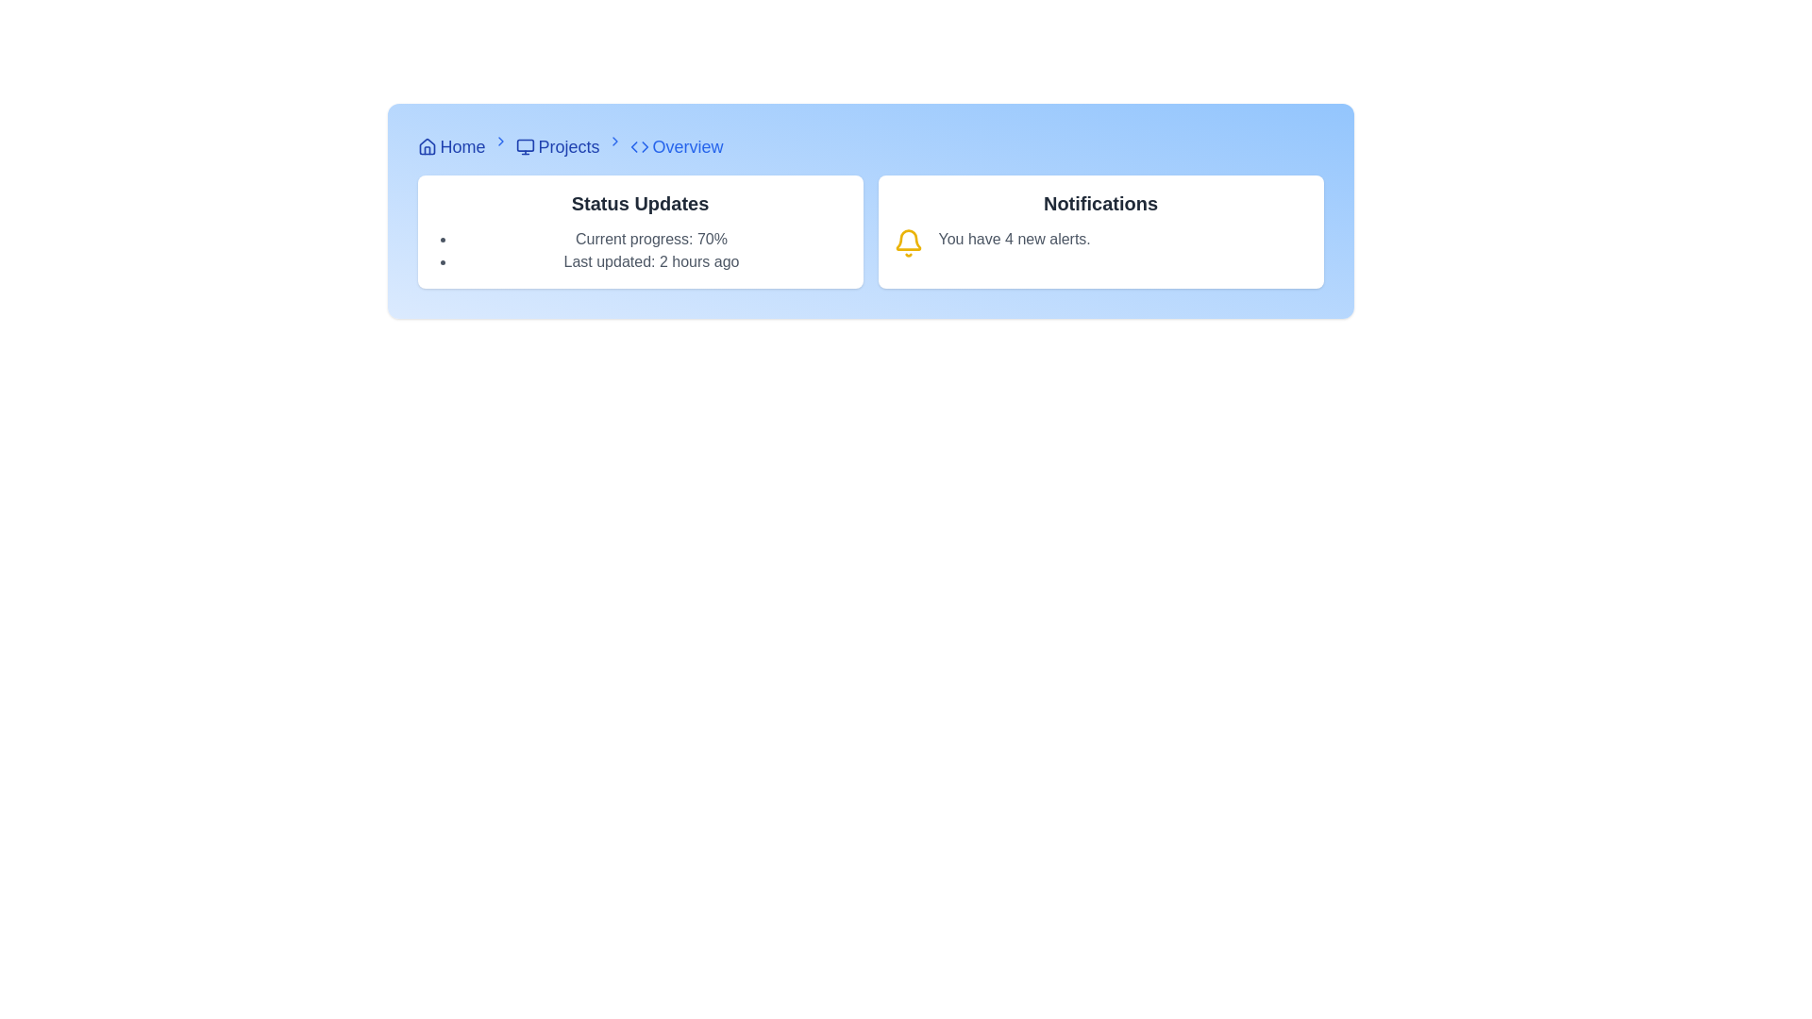  I want to click on the 'Projects' hyperlink in the breadcrumb navigation bar, which is the second clickable item positioned between 'Home' and 'Overview', so click(556, 145).